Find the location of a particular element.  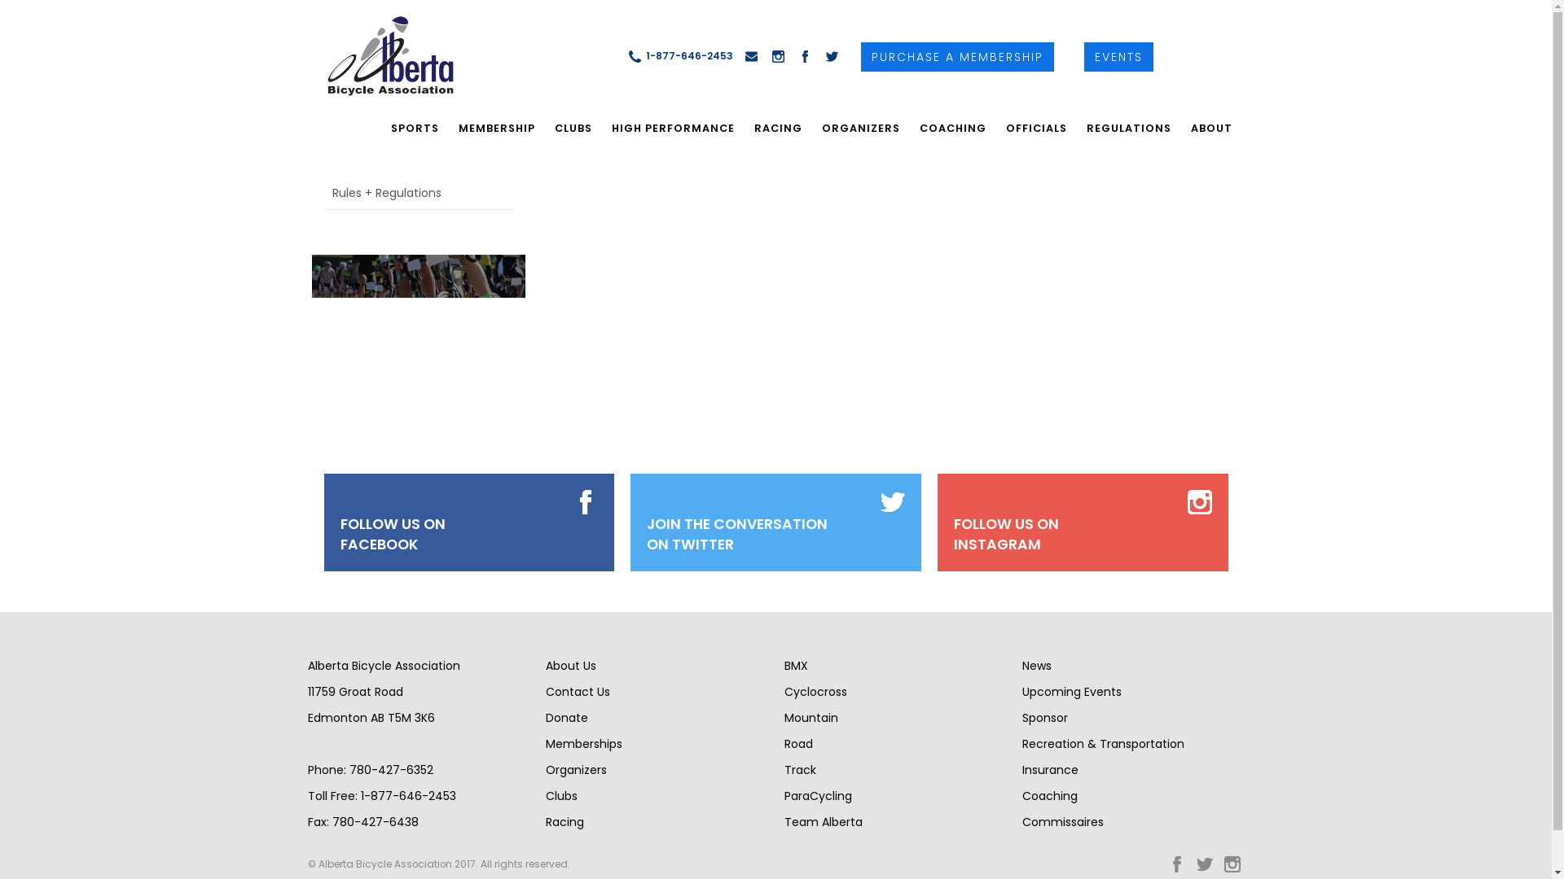

'CLUBS' is located at coordinates (572, 128).